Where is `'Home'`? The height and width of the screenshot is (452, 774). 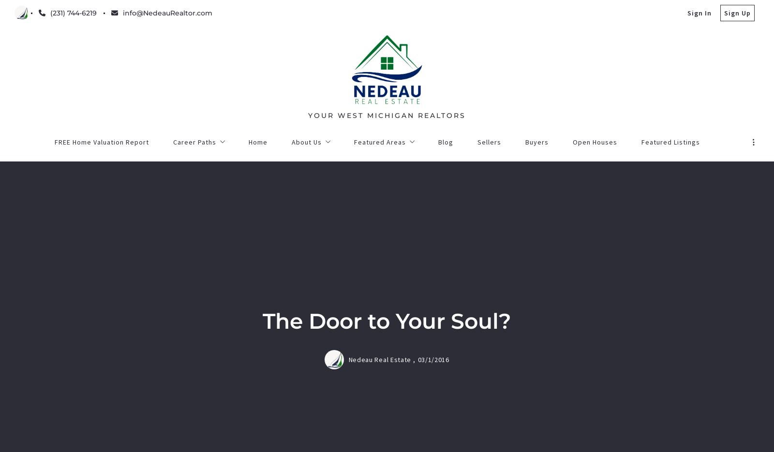
'Home' is located at coordinates (247, 387).